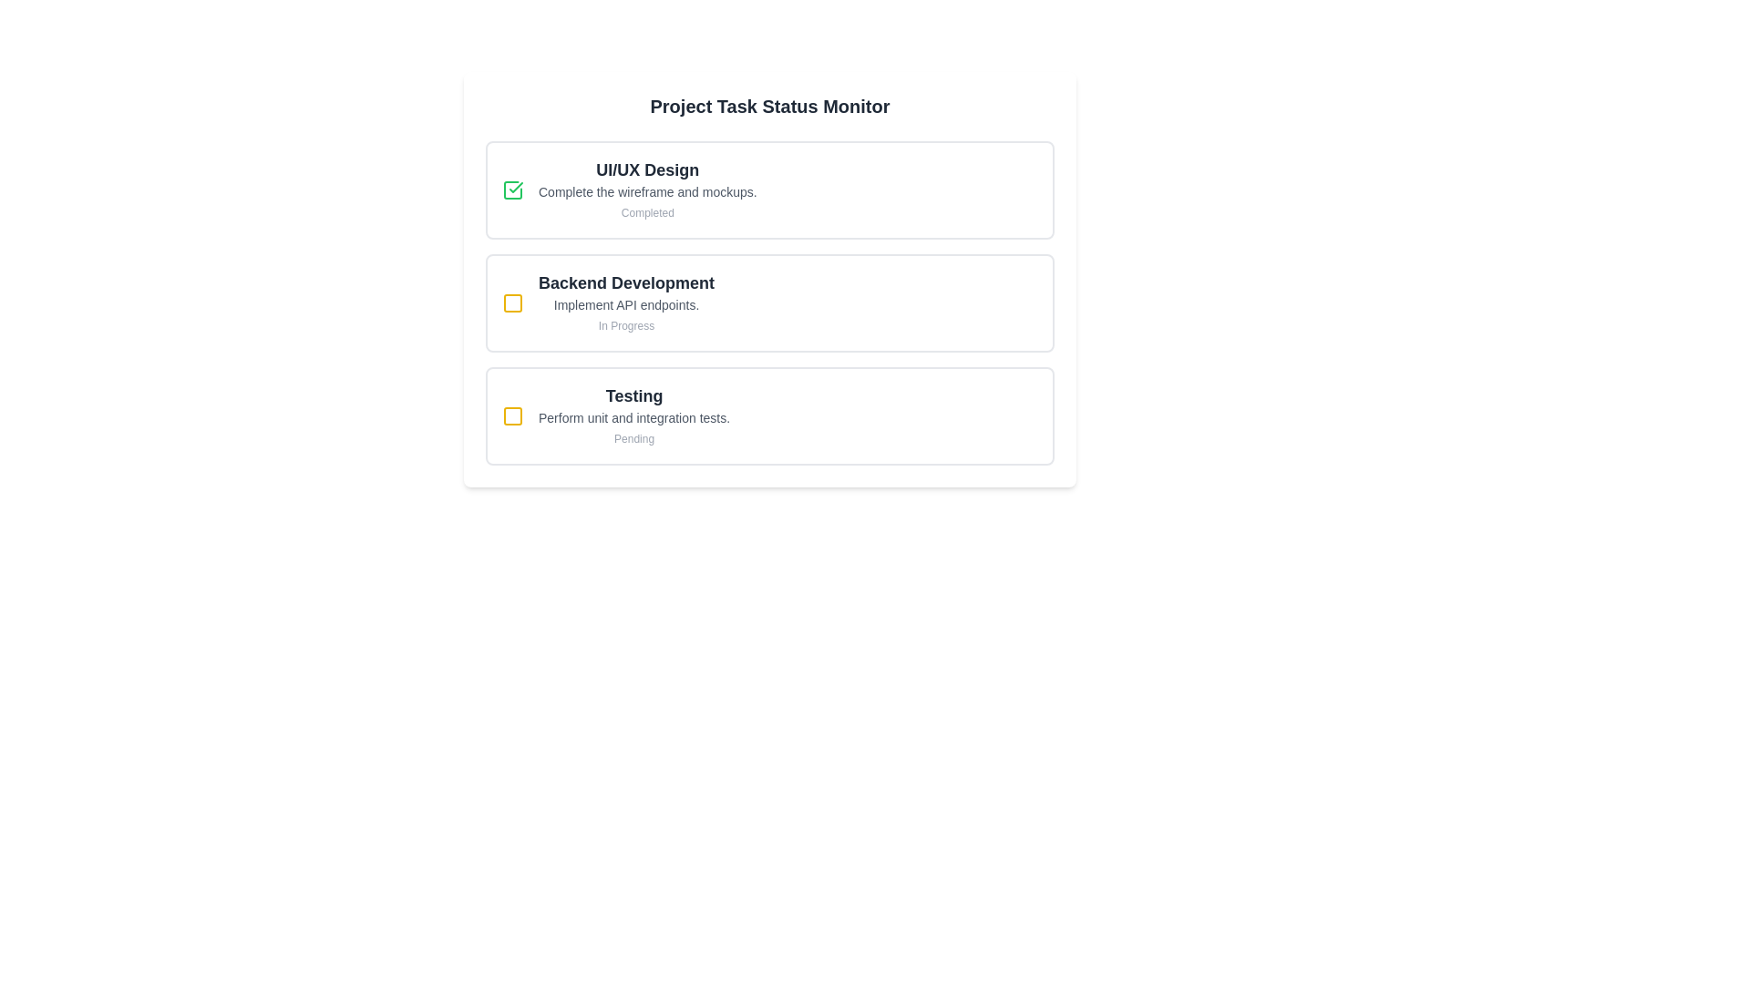 The width and height of the screenshot is (1750, 984). Describe the element at coordinates (647, 169) in the screenshot. I see `the 'UI/UX Design' text label element, which is a bold and large font title located at the top-left corner of the first task card in the project task status interface` at that location.